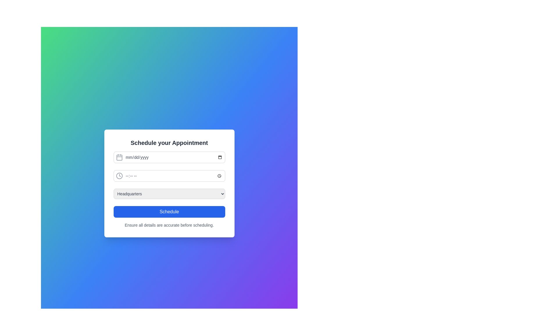 The width and height of the screenshot is (558, 313). What do you see at coordinates (119, 175) in the screenshot?
I see `the time input icon located at the top left of the time input field to focus on the associated time input field` at bounding box center [119, 175].